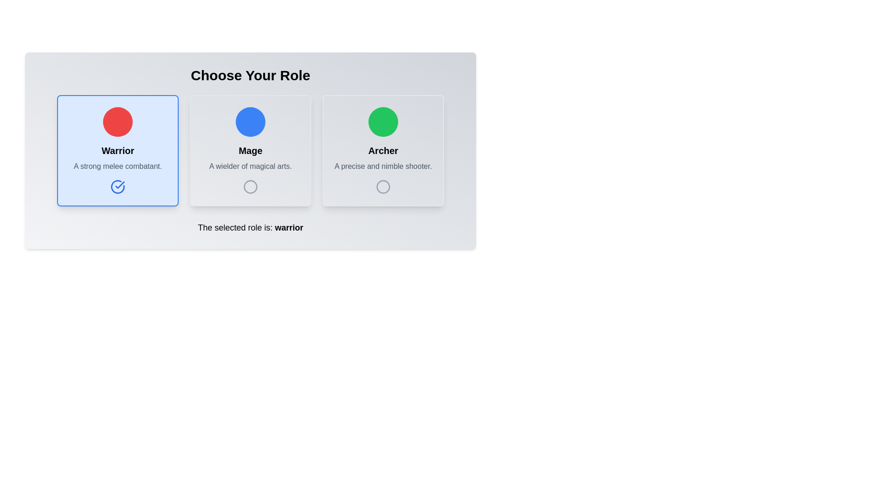 The height and width of the screenshot is (501, 891). What do you see at coordinates (383, 186) in the screenshot?
I see `the circular indicator at the bottom center of the 'Archer' selection card` at bounding box center [383, 186].